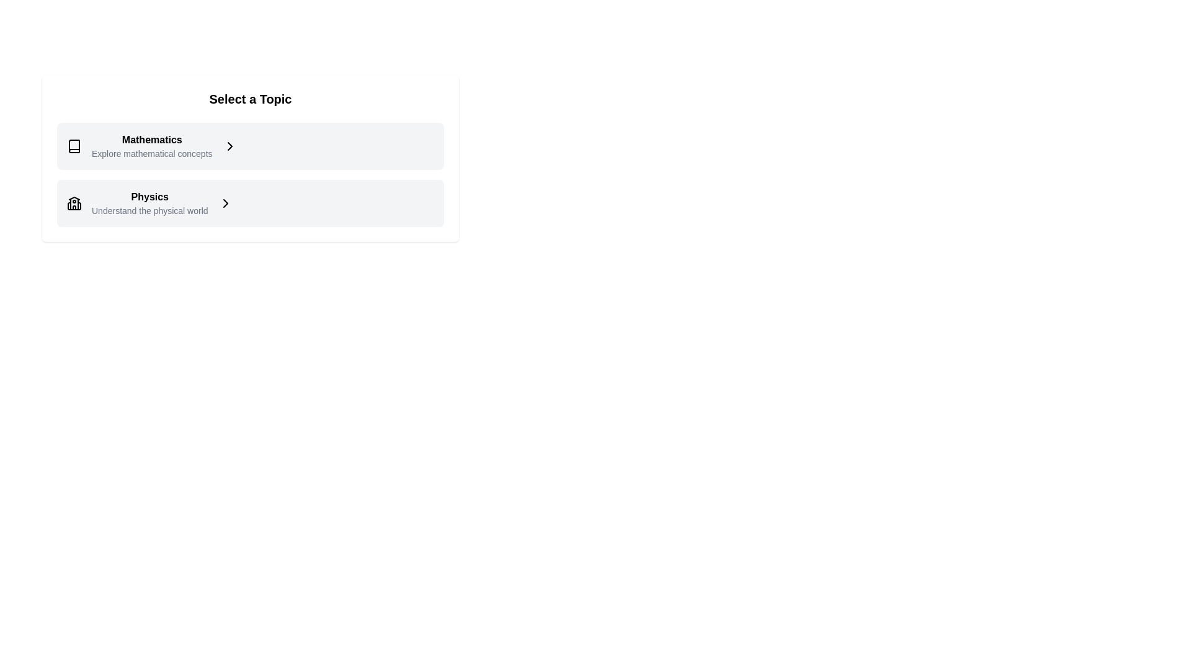 Image resolution: width=1191 pixels, height=670 pixels. I want to click on the bold text label displaying 'Physics', which is styled in black and serves as the main title for its associated content card, so click(149, 196).